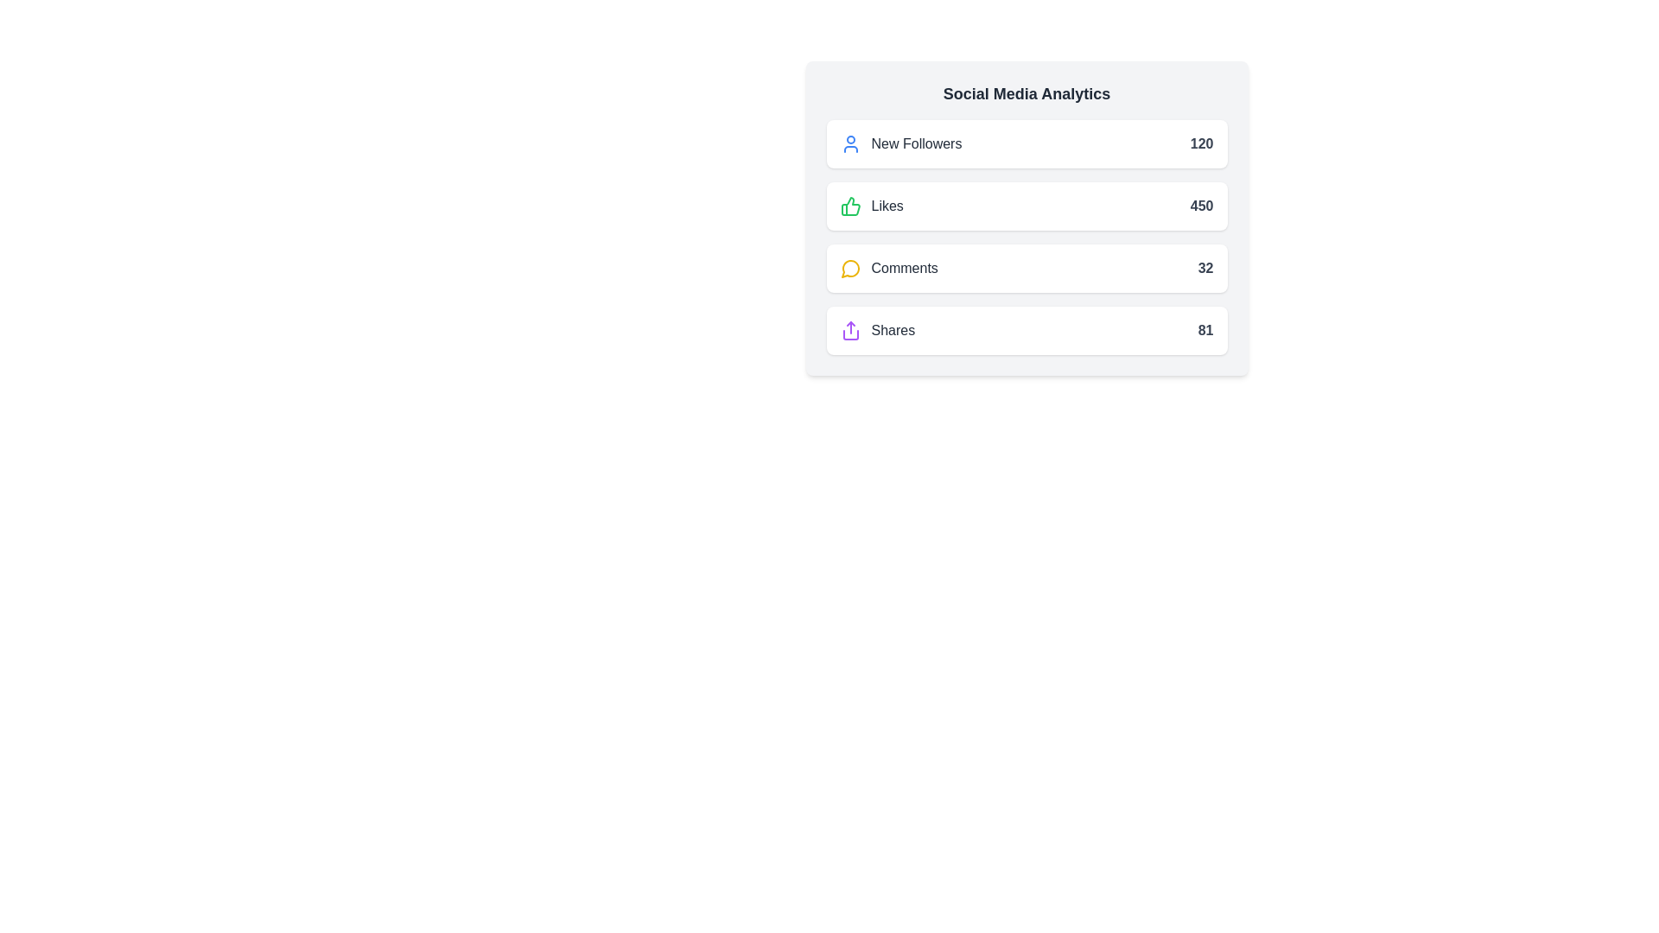 The height and width of the screenshot is (933, 1659). I want to click on the yellow chat bubble icon styled as a vector graphic, located in the third row of the analytics dashboard, to the left of the 'Comments' label, so click(849, 269).